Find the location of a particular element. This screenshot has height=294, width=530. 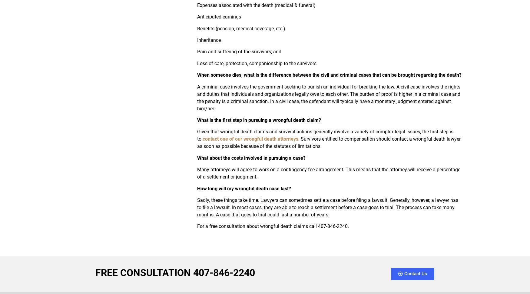

'cont' is located at coordinates (207, 139).